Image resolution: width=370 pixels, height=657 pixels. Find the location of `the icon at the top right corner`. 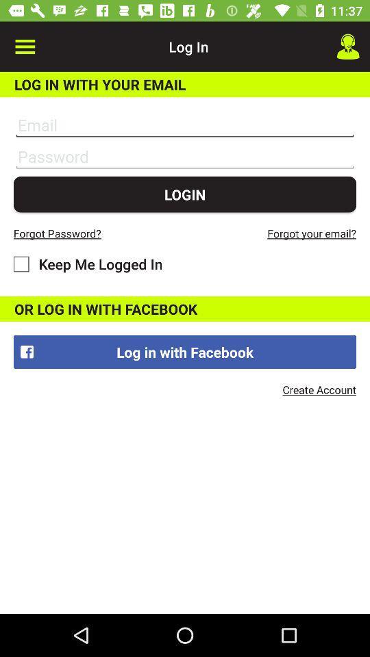

the icon at the top right corner is located at coordinates (348, 47).